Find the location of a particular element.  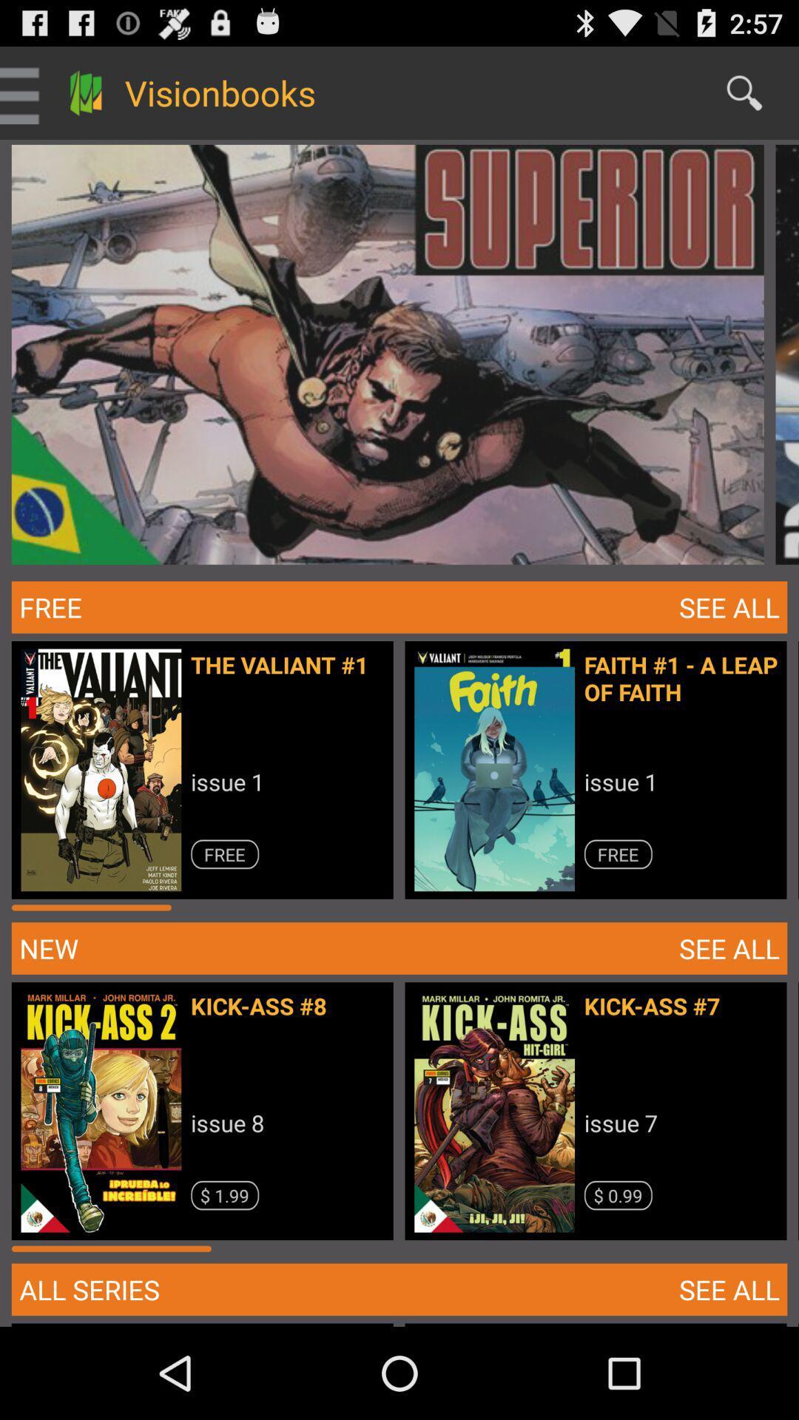

icon next to visionbooks icon is located at coordinates (744, 92).